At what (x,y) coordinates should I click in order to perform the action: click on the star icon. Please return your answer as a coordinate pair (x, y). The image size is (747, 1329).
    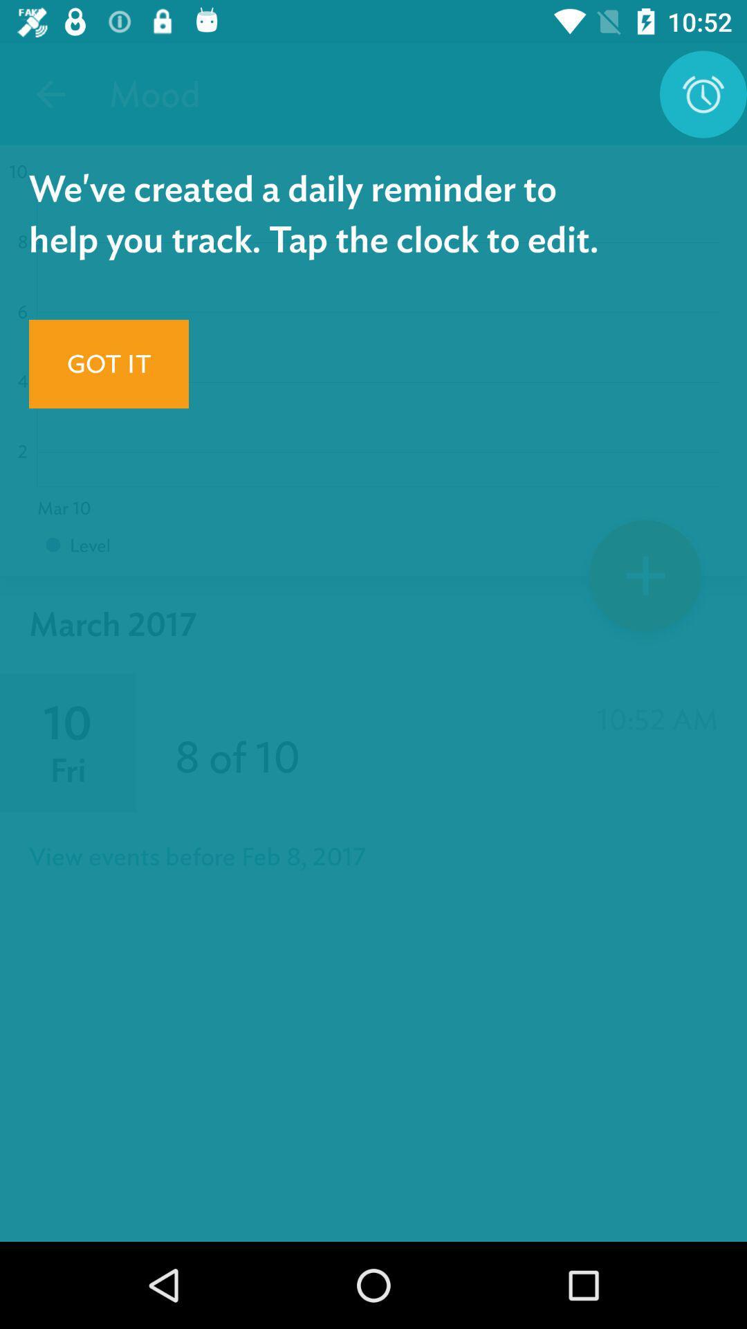
    Looking at the image, I should click on (645, 581).